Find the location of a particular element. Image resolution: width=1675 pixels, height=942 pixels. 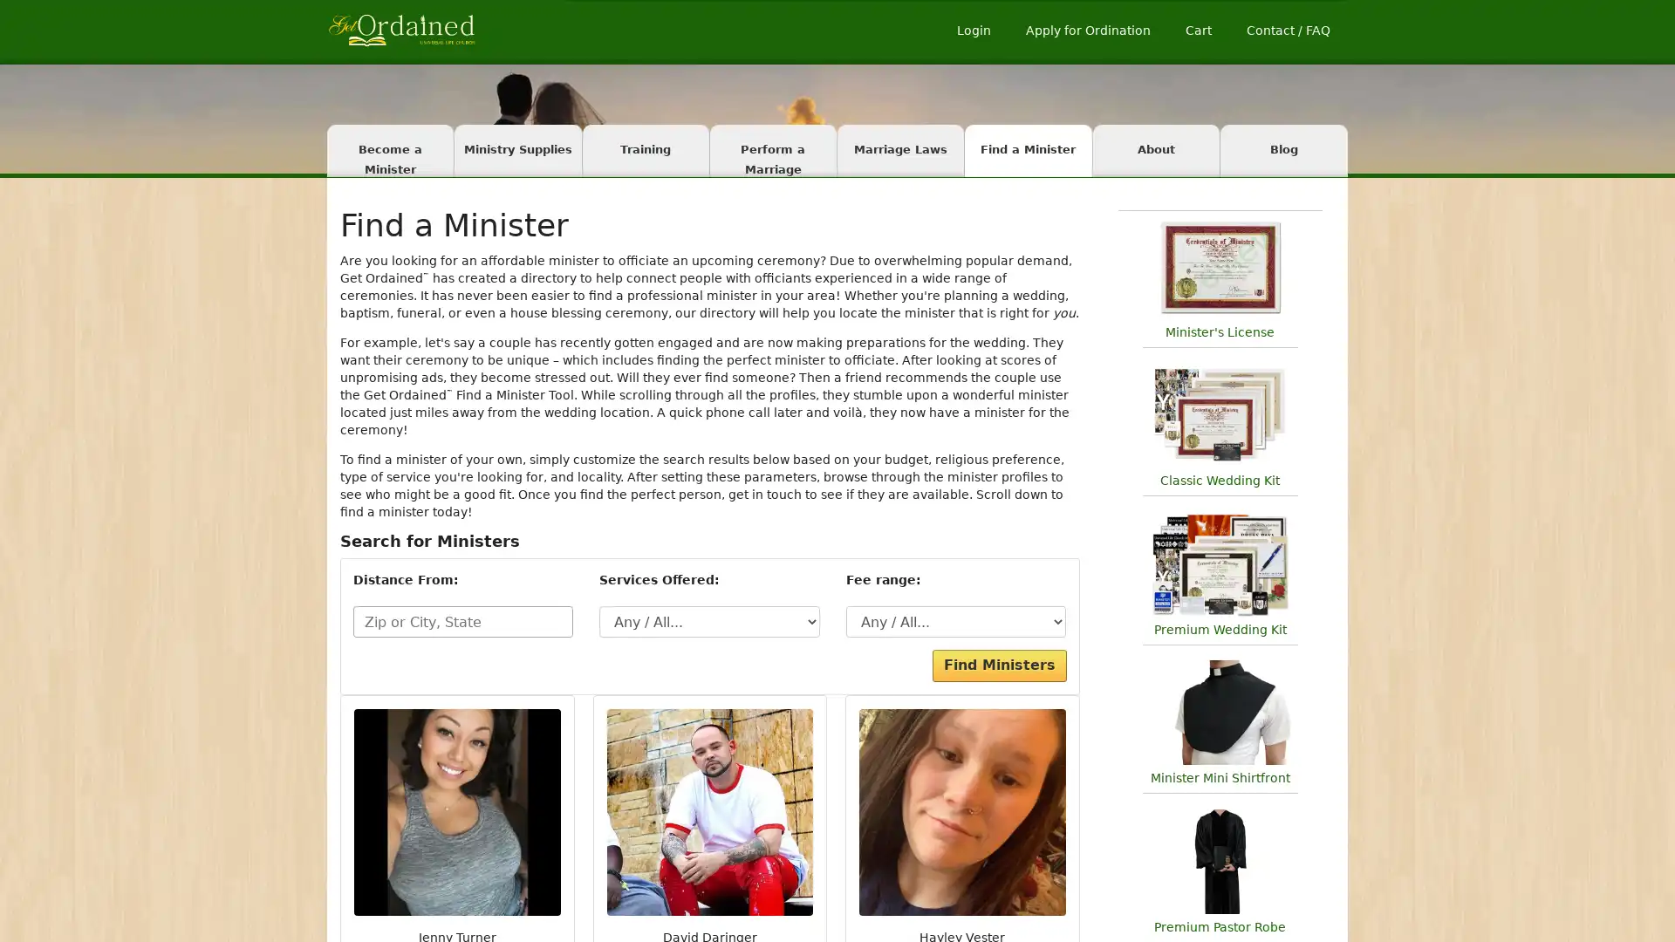

Find Ministers is located at coordinates (999, 666).